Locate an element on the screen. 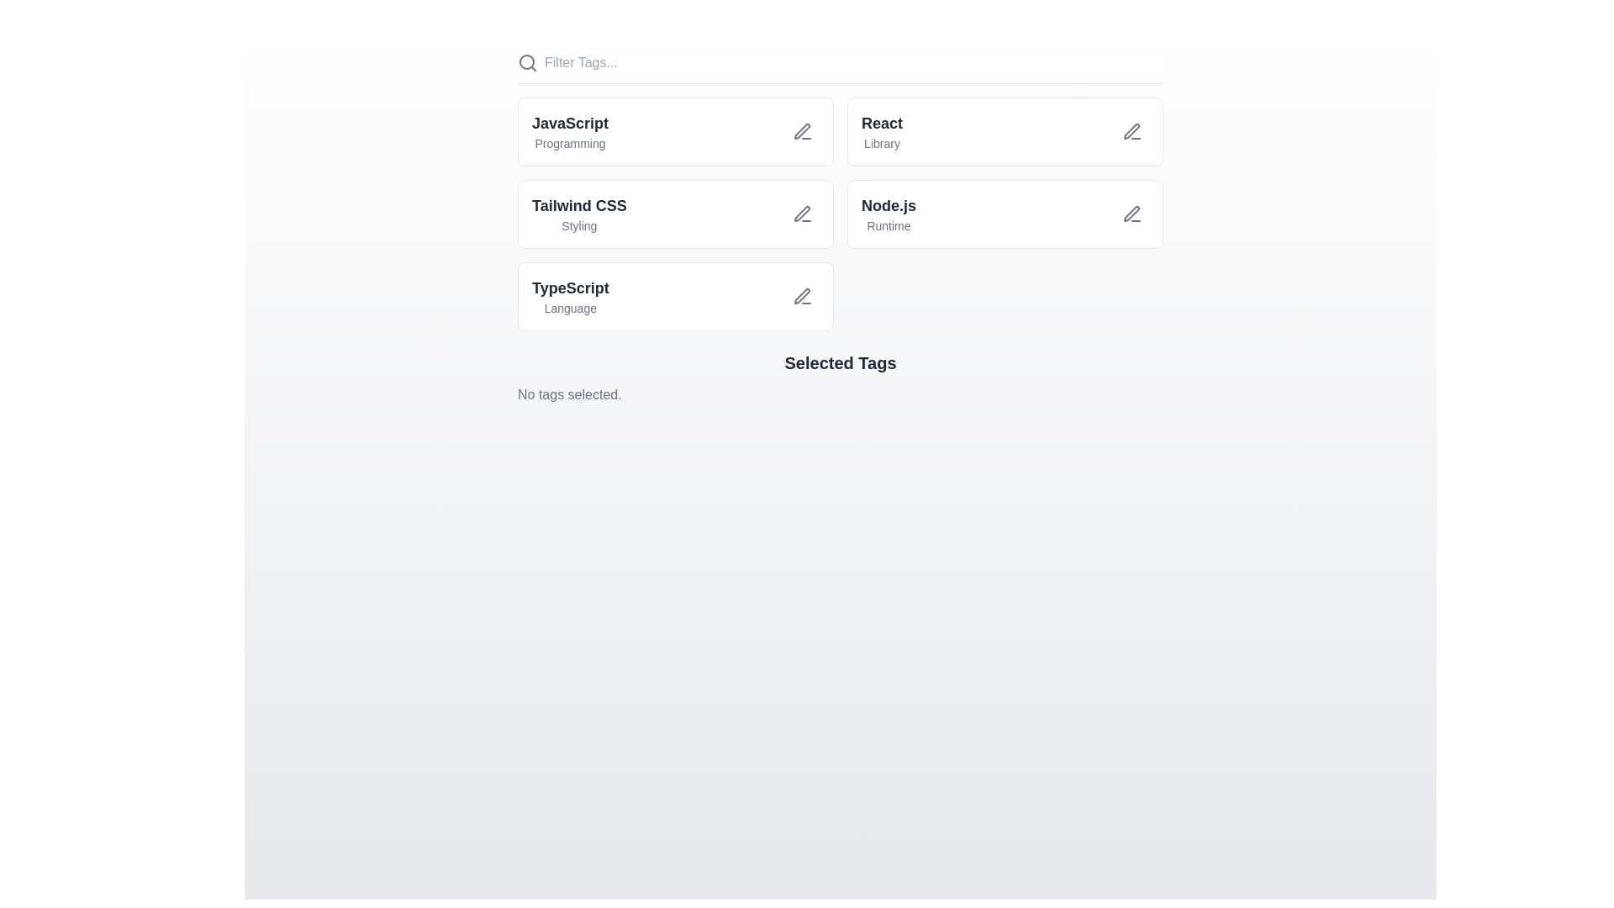 The width and height of the screenshot is (1614, 908). the search icon located is located at coordinates (527, 61).